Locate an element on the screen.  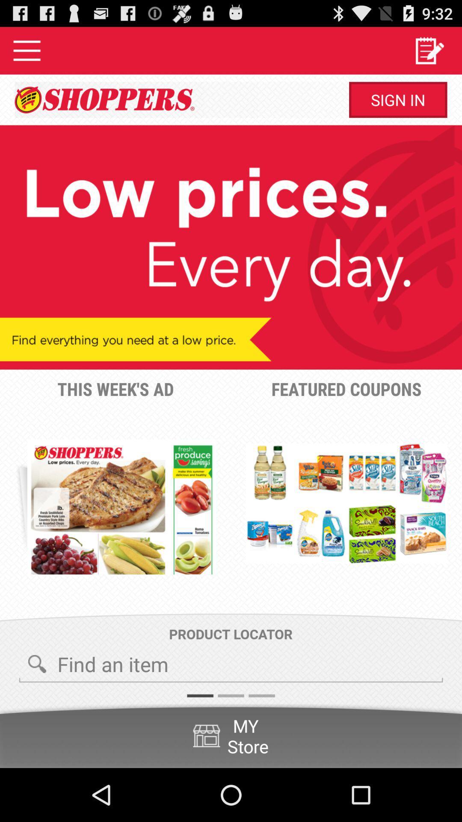
menu bar is located at coordinates (26, 50).